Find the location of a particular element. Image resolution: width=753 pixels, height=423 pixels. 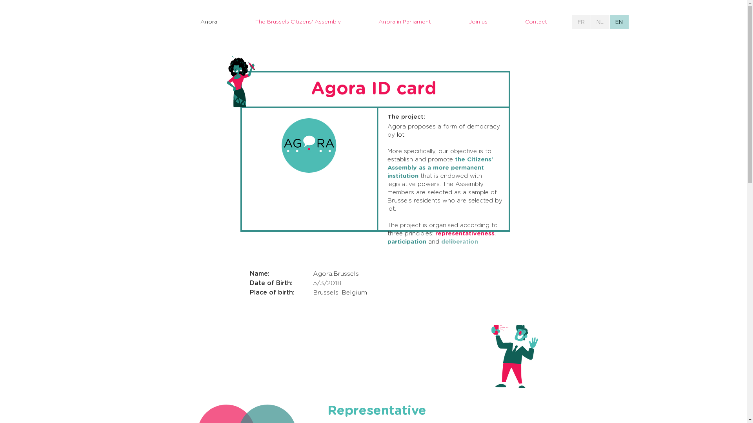

'Agora' is located at coordinates (209, 22).